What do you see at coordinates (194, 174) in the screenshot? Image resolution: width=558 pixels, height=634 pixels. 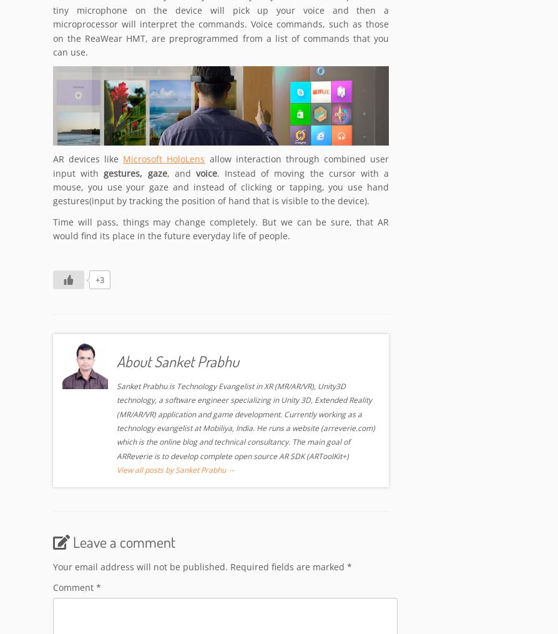 I see `'voice'` at bounding box center [194, 174].